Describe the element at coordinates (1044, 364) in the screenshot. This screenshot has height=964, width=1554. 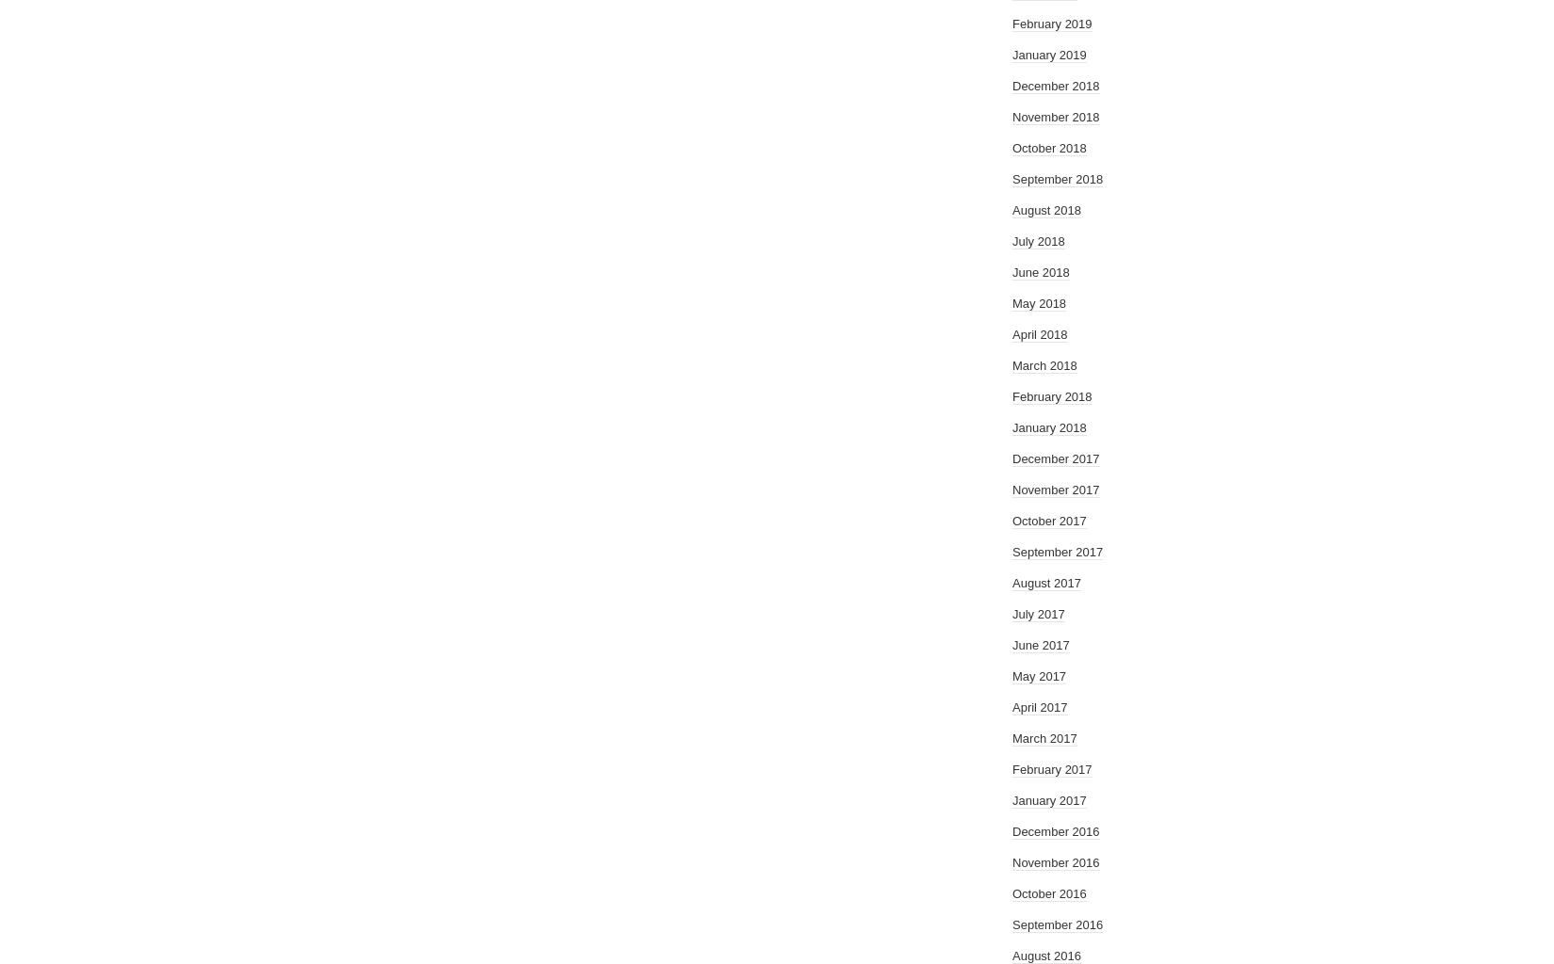
I see `'March 2018'` at that location.